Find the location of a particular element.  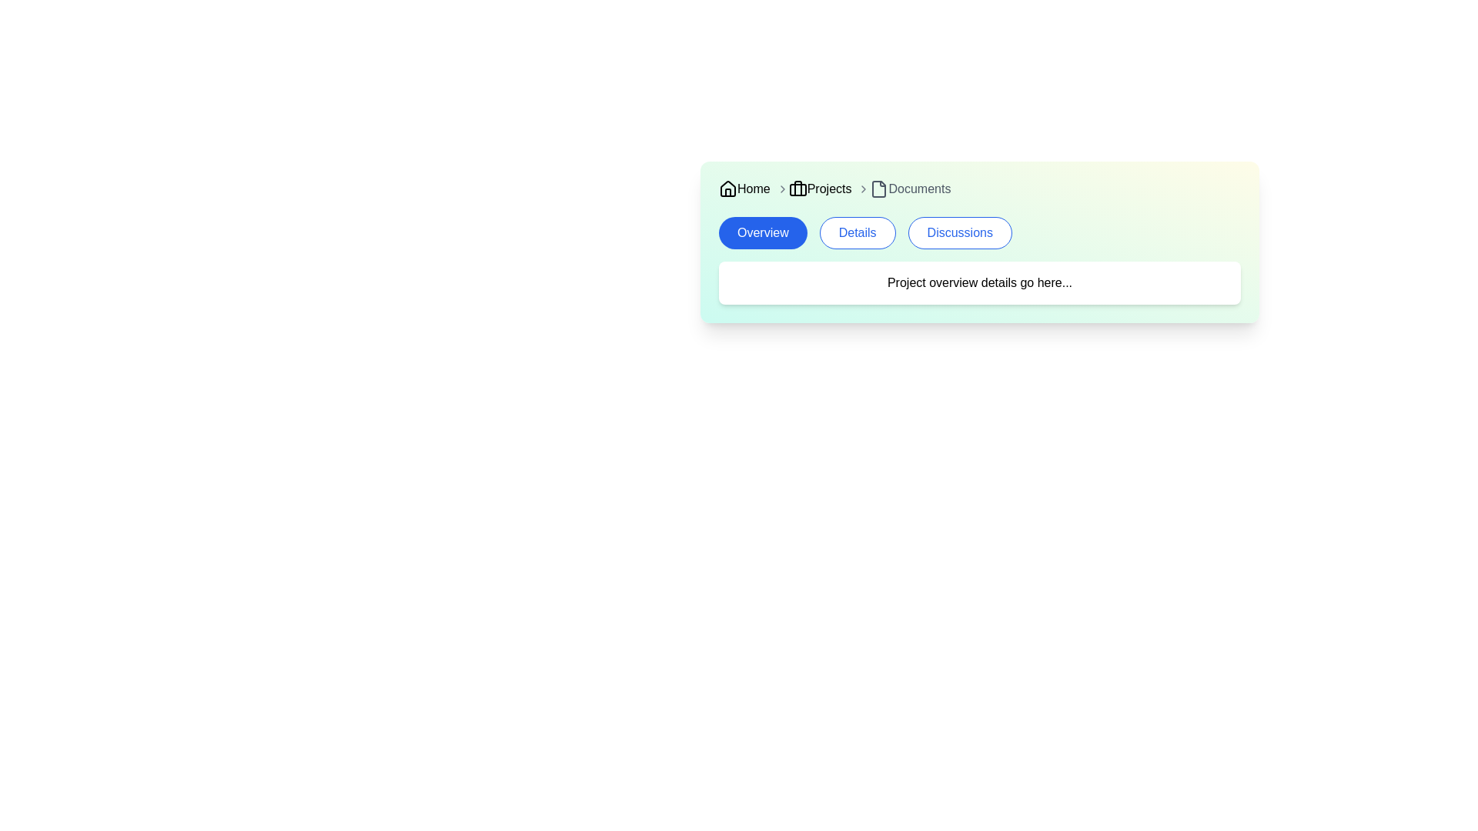

the Tab bar containing the tabs labeled 'Overview,' 'Details,' and 'Discussions' is located at coordinates (978, 233).